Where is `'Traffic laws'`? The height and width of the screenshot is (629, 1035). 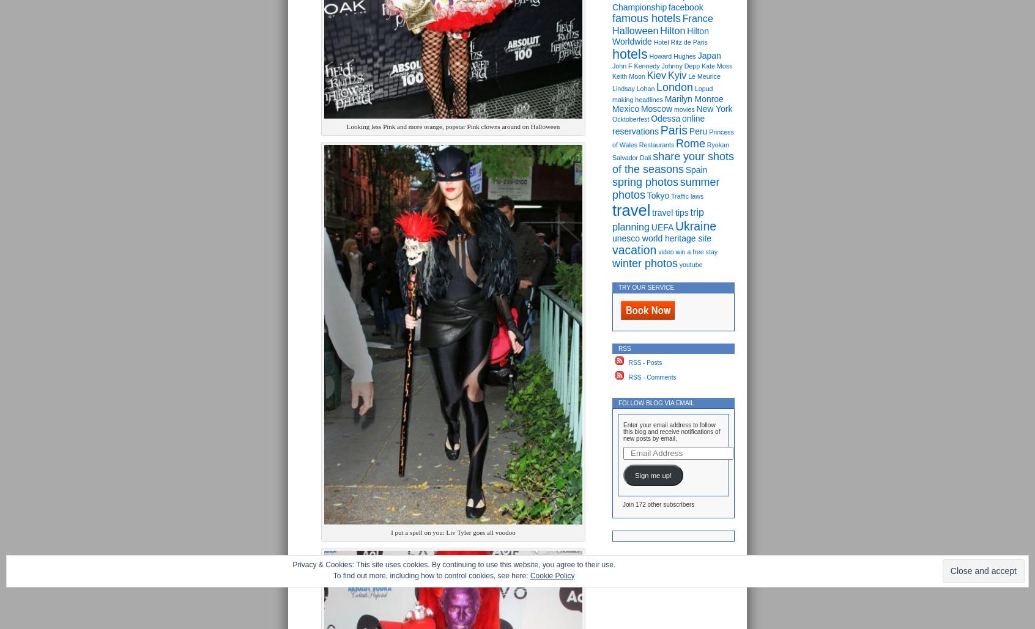
'Traffic laws' is located at coordinates (686, 196).